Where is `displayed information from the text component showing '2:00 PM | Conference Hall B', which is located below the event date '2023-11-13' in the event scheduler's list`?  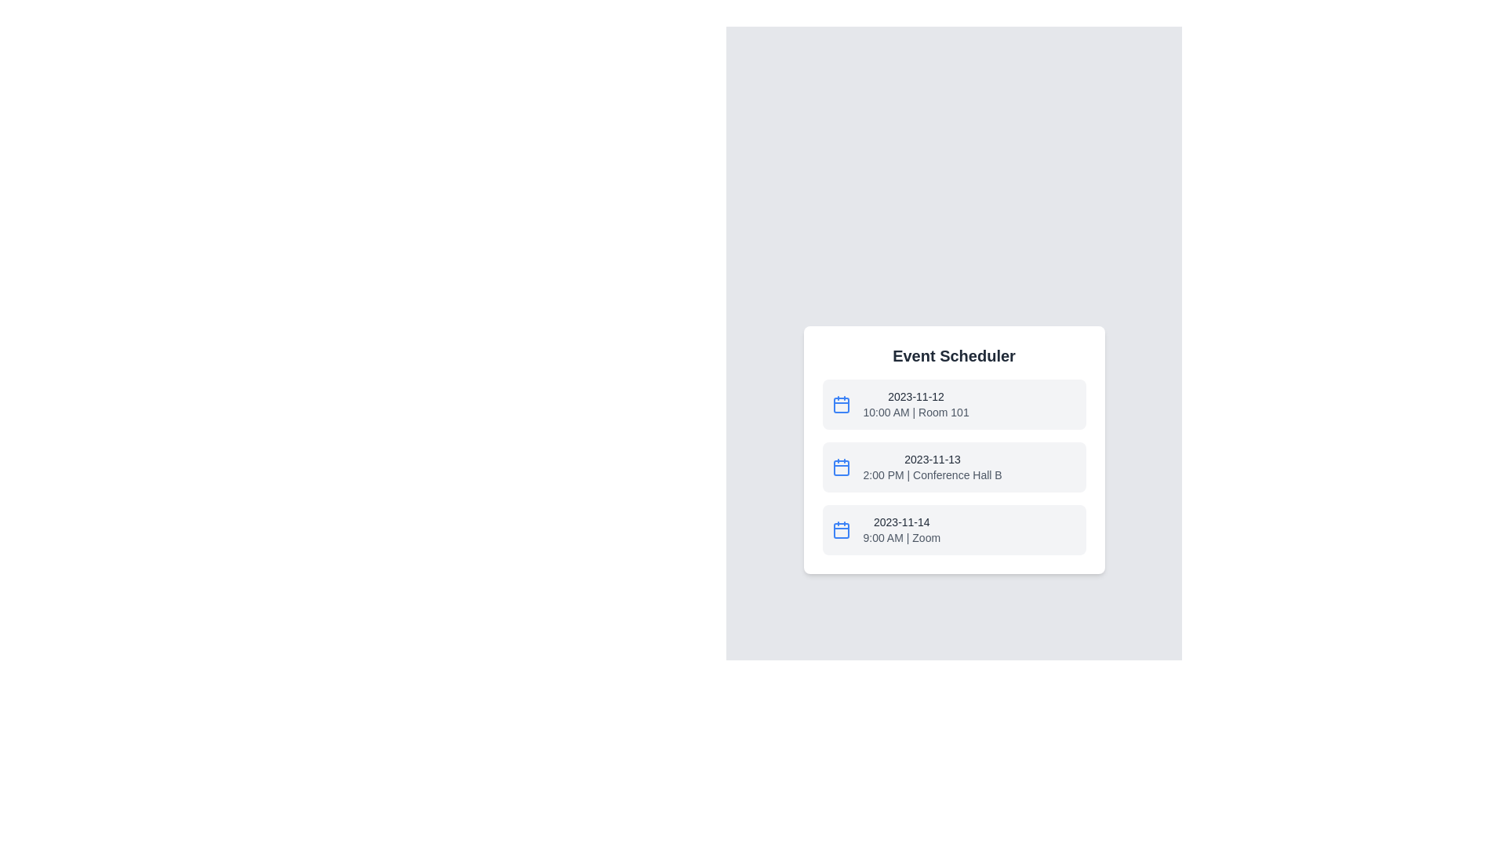
displayed information from the text component showing '2:00 PM | Conference Hall B', which is located below the event date '2023-11-13' in the event scheduler's list is located at coordinates (933, 474).